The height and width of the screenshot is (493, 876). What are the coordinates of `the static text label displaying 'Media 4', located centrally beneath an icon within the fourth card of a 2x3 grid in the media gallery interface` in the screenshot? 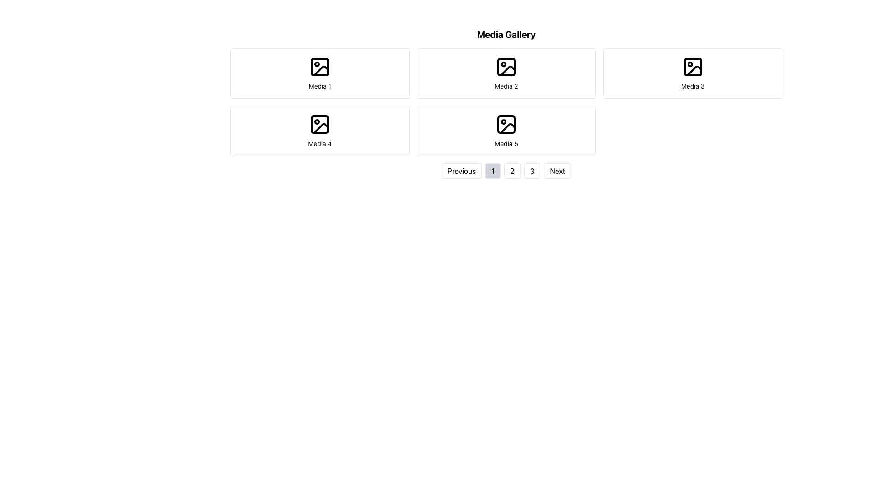 It's located at (320, 144).